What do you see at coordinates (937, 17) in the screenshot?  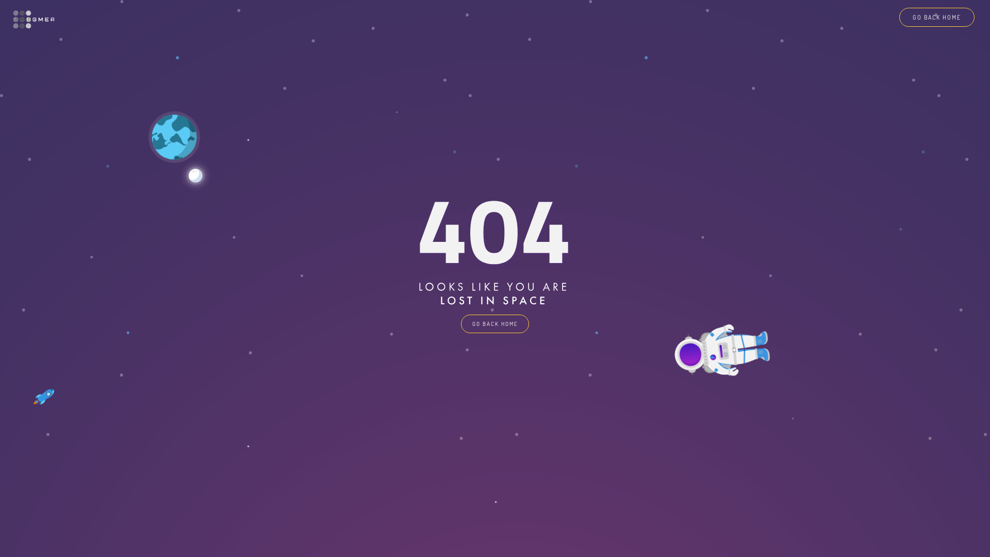 I see `'GO BACK HOME'` at bounding box center [937, 17].